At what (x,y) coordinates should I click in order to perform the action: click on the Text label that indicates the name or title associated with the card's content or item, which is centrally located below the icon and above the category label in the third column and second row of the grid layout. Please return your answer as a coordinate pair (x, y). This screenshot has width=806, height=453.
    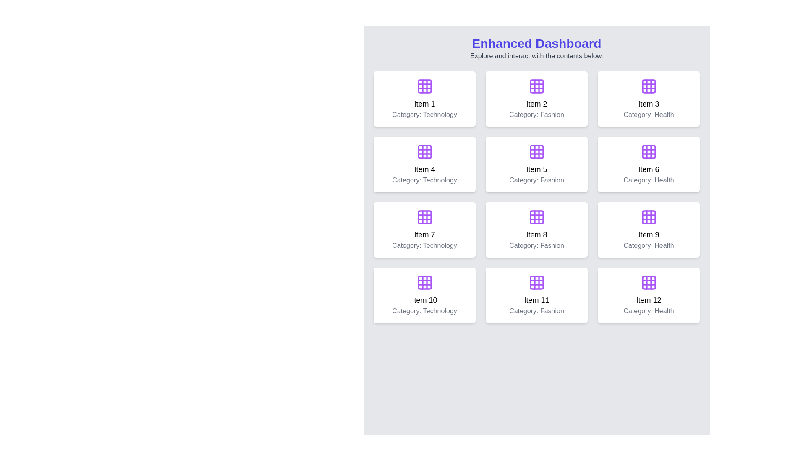
    Looking at the image, I should click on (648, 169).